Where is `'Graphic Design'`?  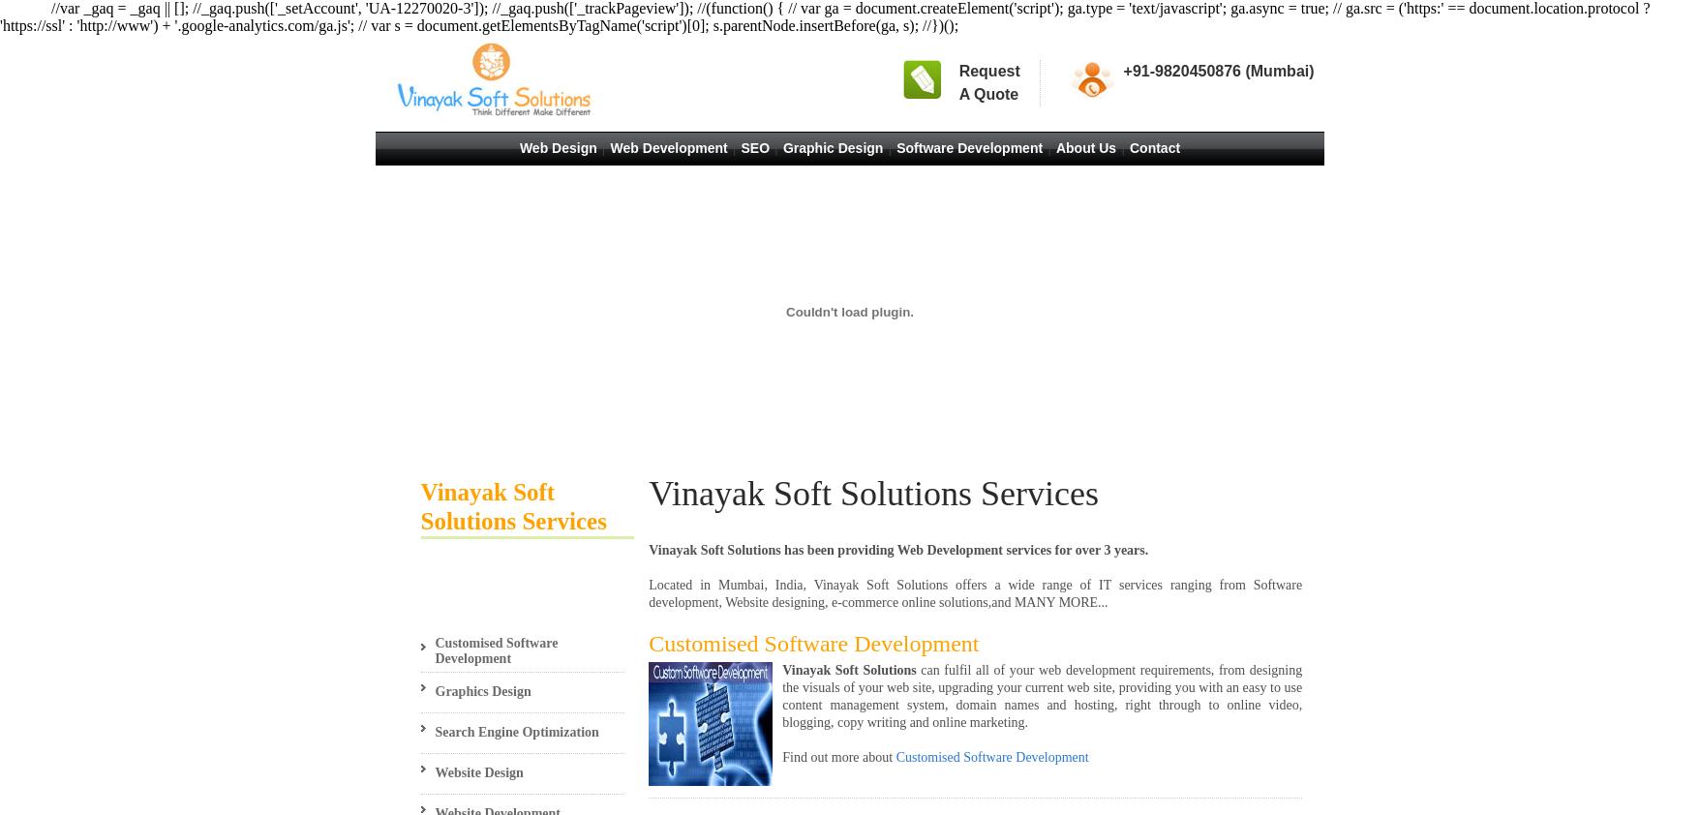
'Graphic Design' is located at coordinates (831, 145).